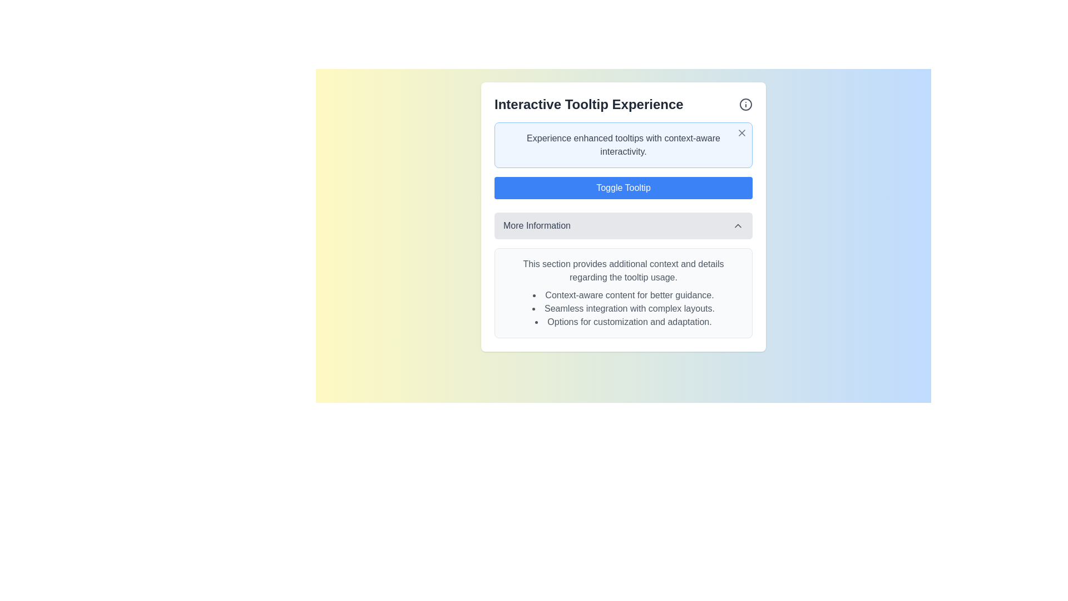  I want to click on the close/exit button located in the upper-right corner of the 'Interactive Tooltip Experience' dialog, so click(742, 132).